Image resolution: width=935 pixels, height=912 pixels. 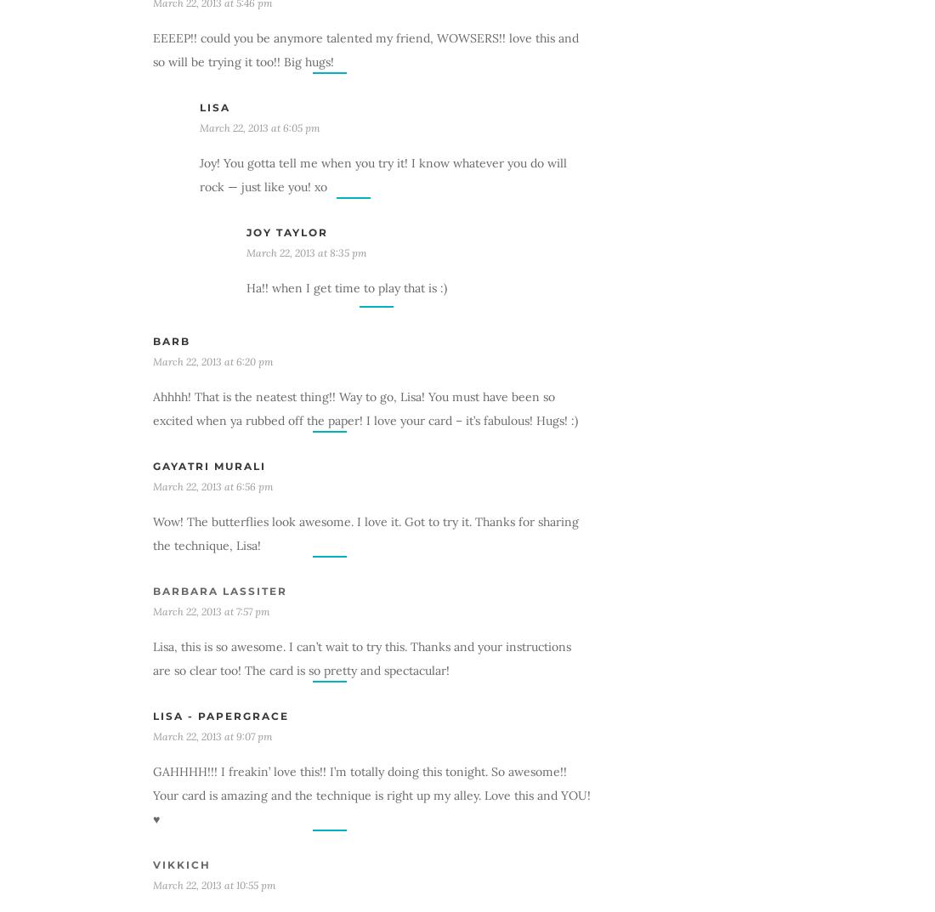 What do you see at coordinates (286, 230) in the screenshot?
I see `'Joy Taylor'` at bounding box center [286, 230].